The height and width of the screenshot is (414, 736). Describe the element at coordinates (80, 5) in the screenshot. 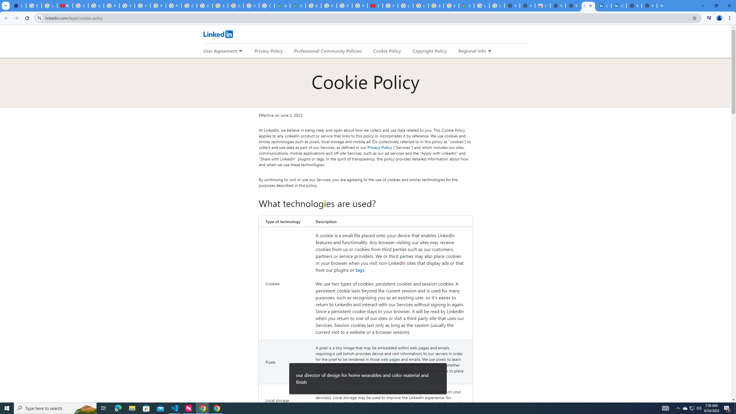

I see `'Google Account Help'` at that location.